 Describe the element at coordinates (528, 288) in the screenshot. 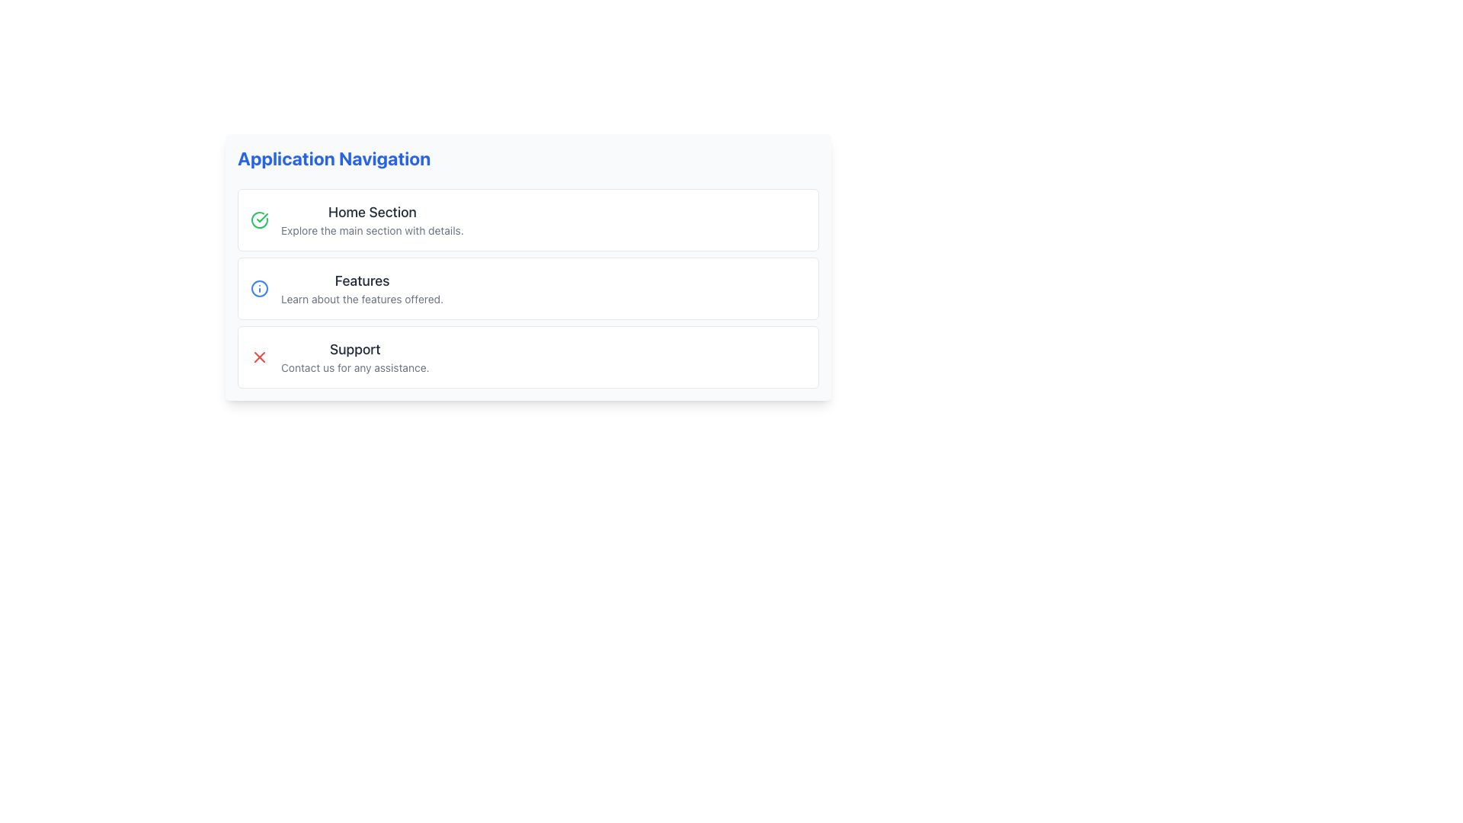

I see `the Information card located under the 'Application Navigation' title, which provides a description of the application's features and is the second section in a vertical arrangement` at that location.